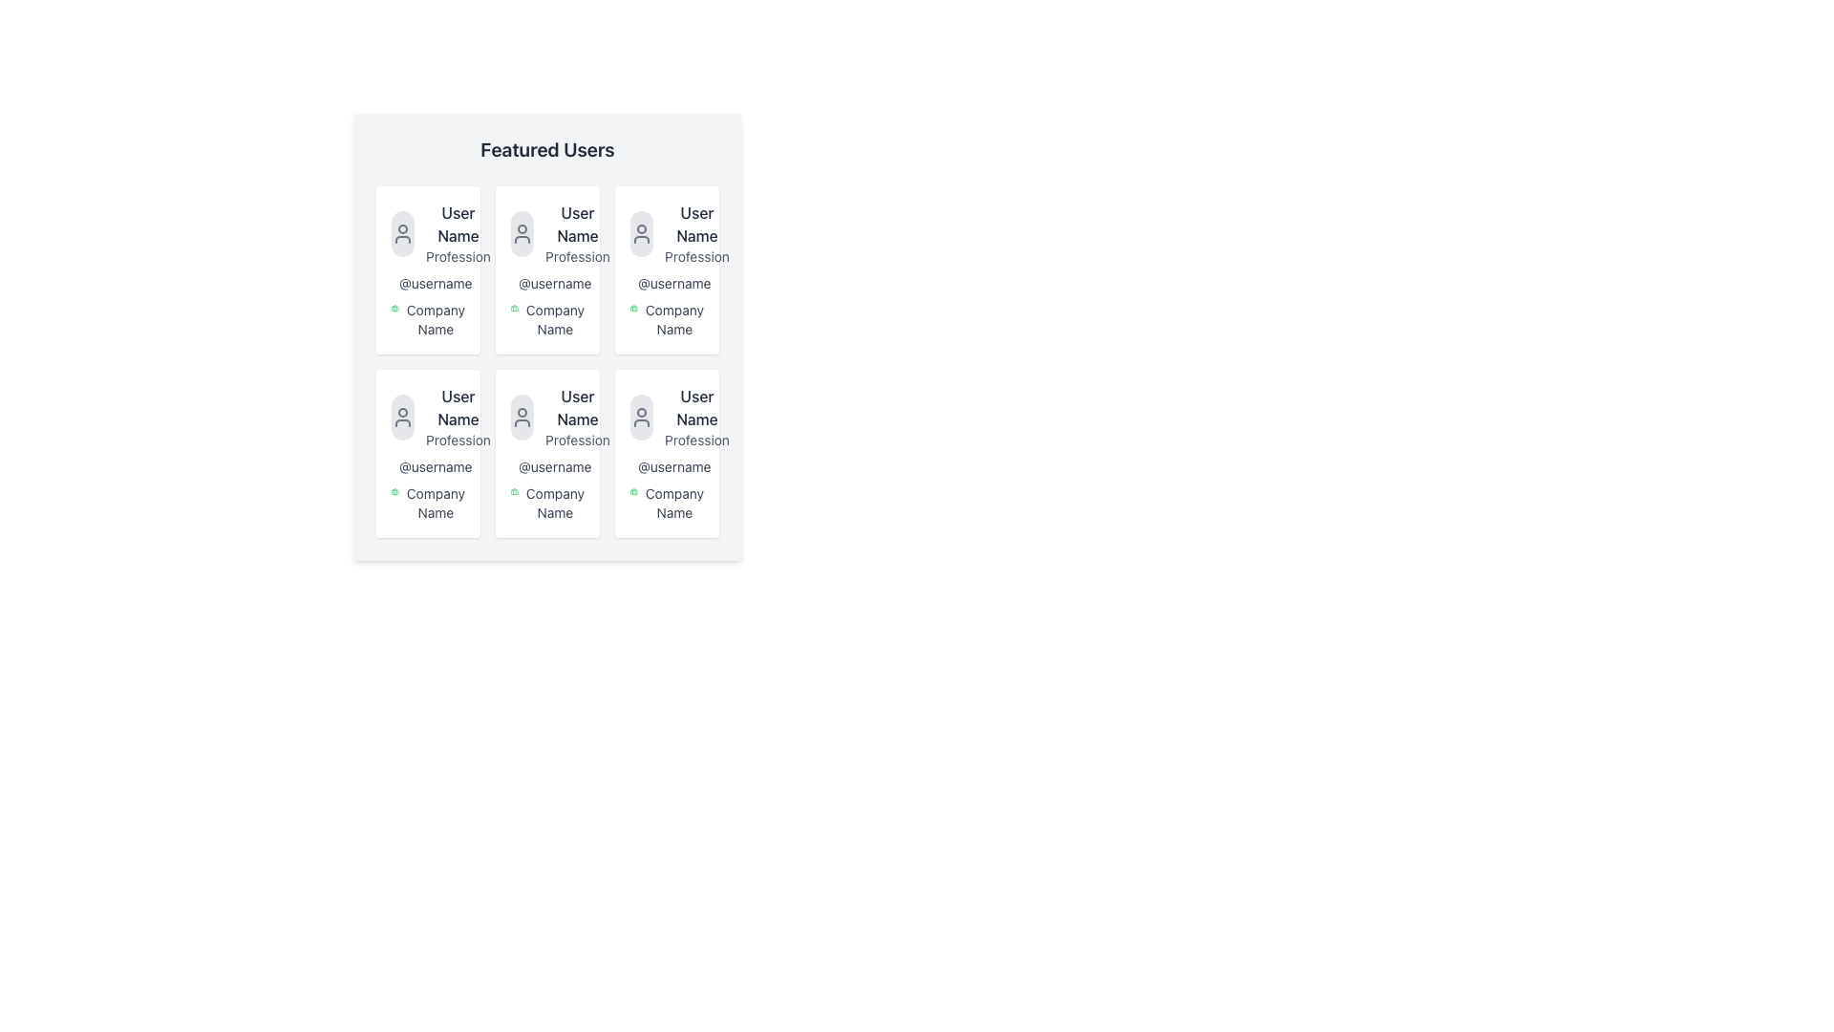  What do you see at coordinates (667, 453) in the screenshot?
I see `the username on the user profile card located in the bottom-right of the 'Featured Users' grid` at bounding box center [667, 453].